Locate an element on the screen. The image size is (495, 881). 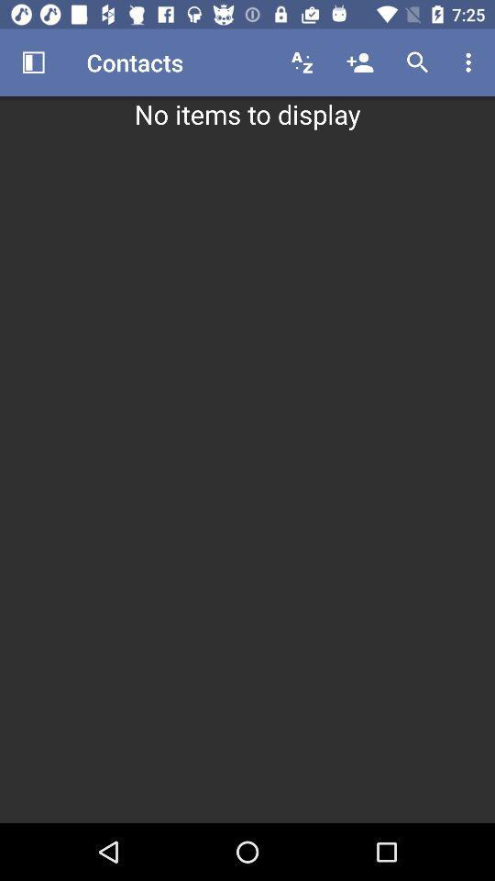
the icon next to contacts is located at coordinates (302, 62).